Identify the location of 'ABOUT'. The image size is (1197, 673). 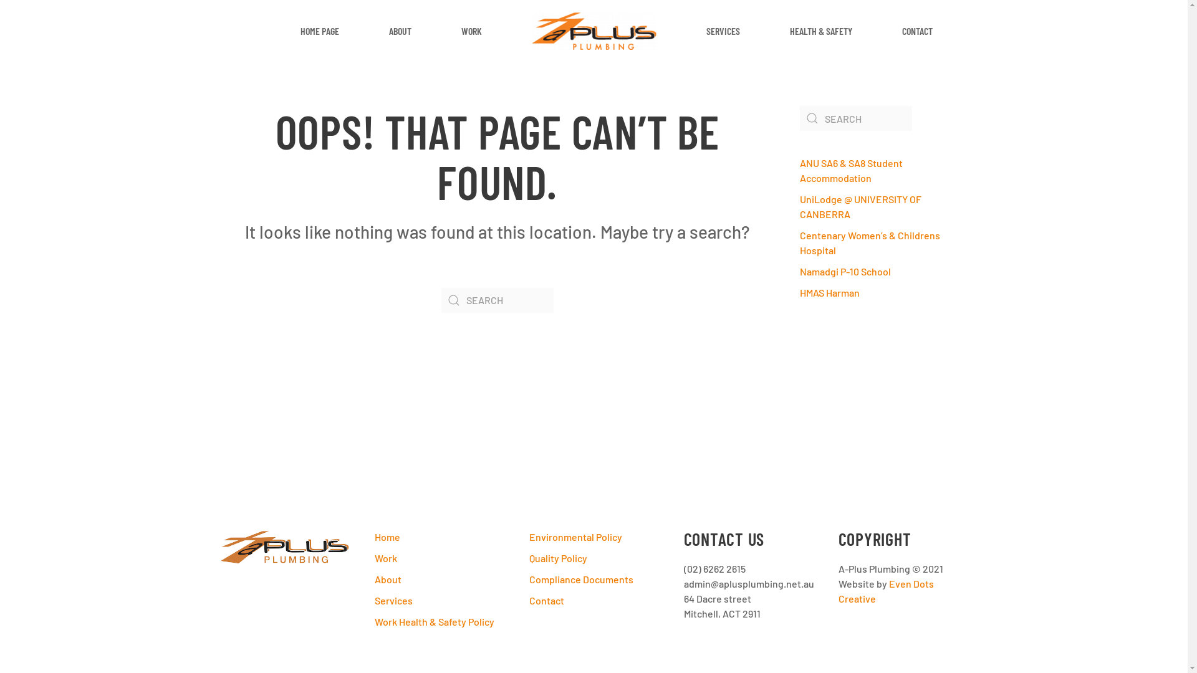
(400, 31).